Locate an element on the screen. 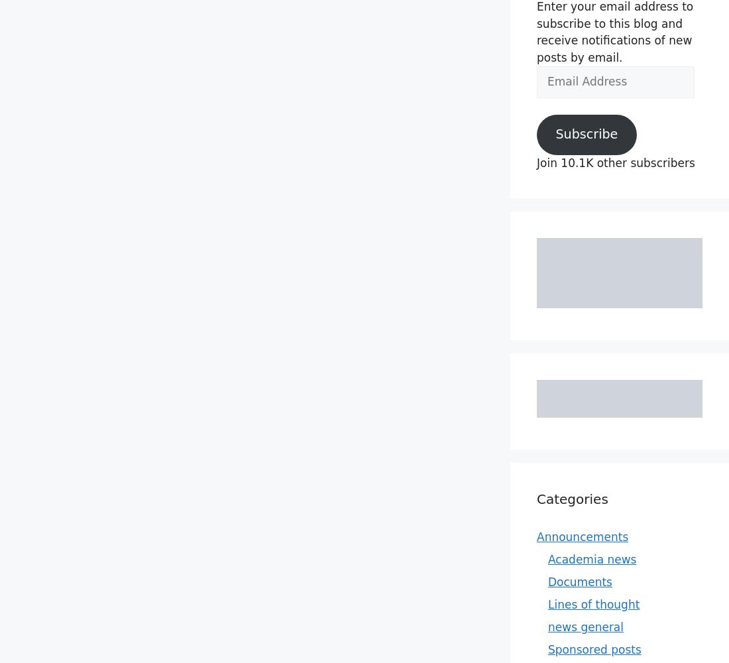 Image resolution: width=729 pixels, height=663 pixels. 'Enter your email address to subscribe to this blog and receive notifications of new posts by email.' is located at coordinates (614, 32).